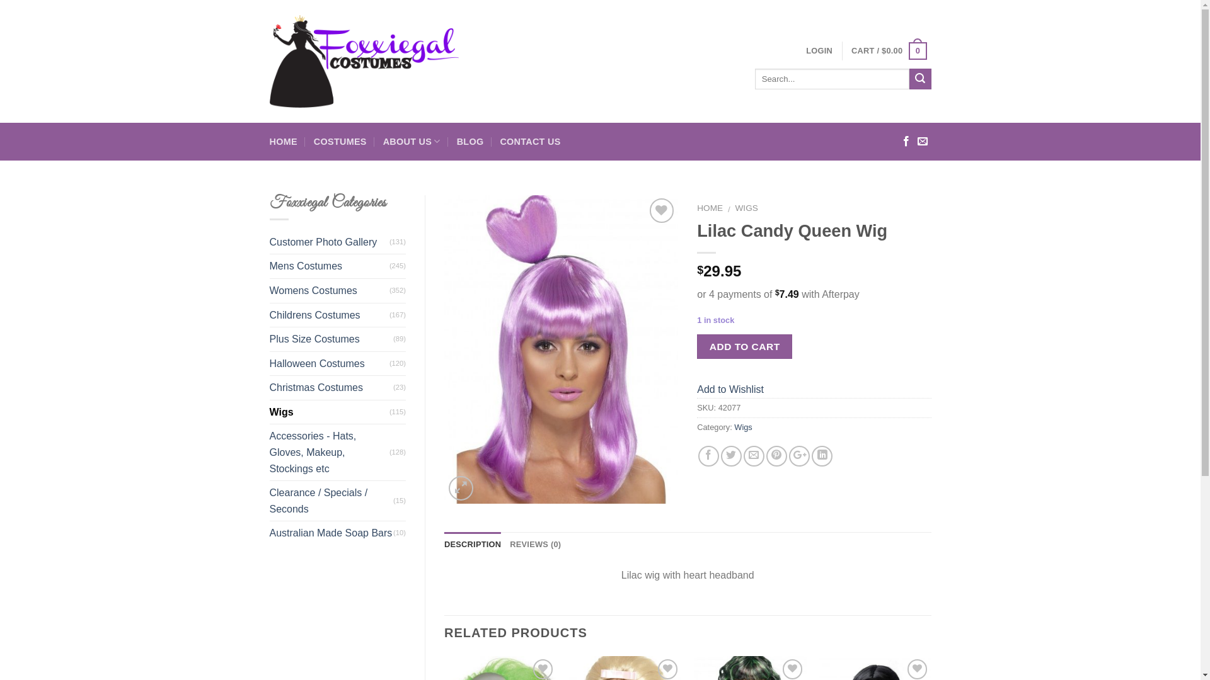 The height and width of the screenshot is (680, 1210). I want to click on 'WIGS', so click(747, 207).